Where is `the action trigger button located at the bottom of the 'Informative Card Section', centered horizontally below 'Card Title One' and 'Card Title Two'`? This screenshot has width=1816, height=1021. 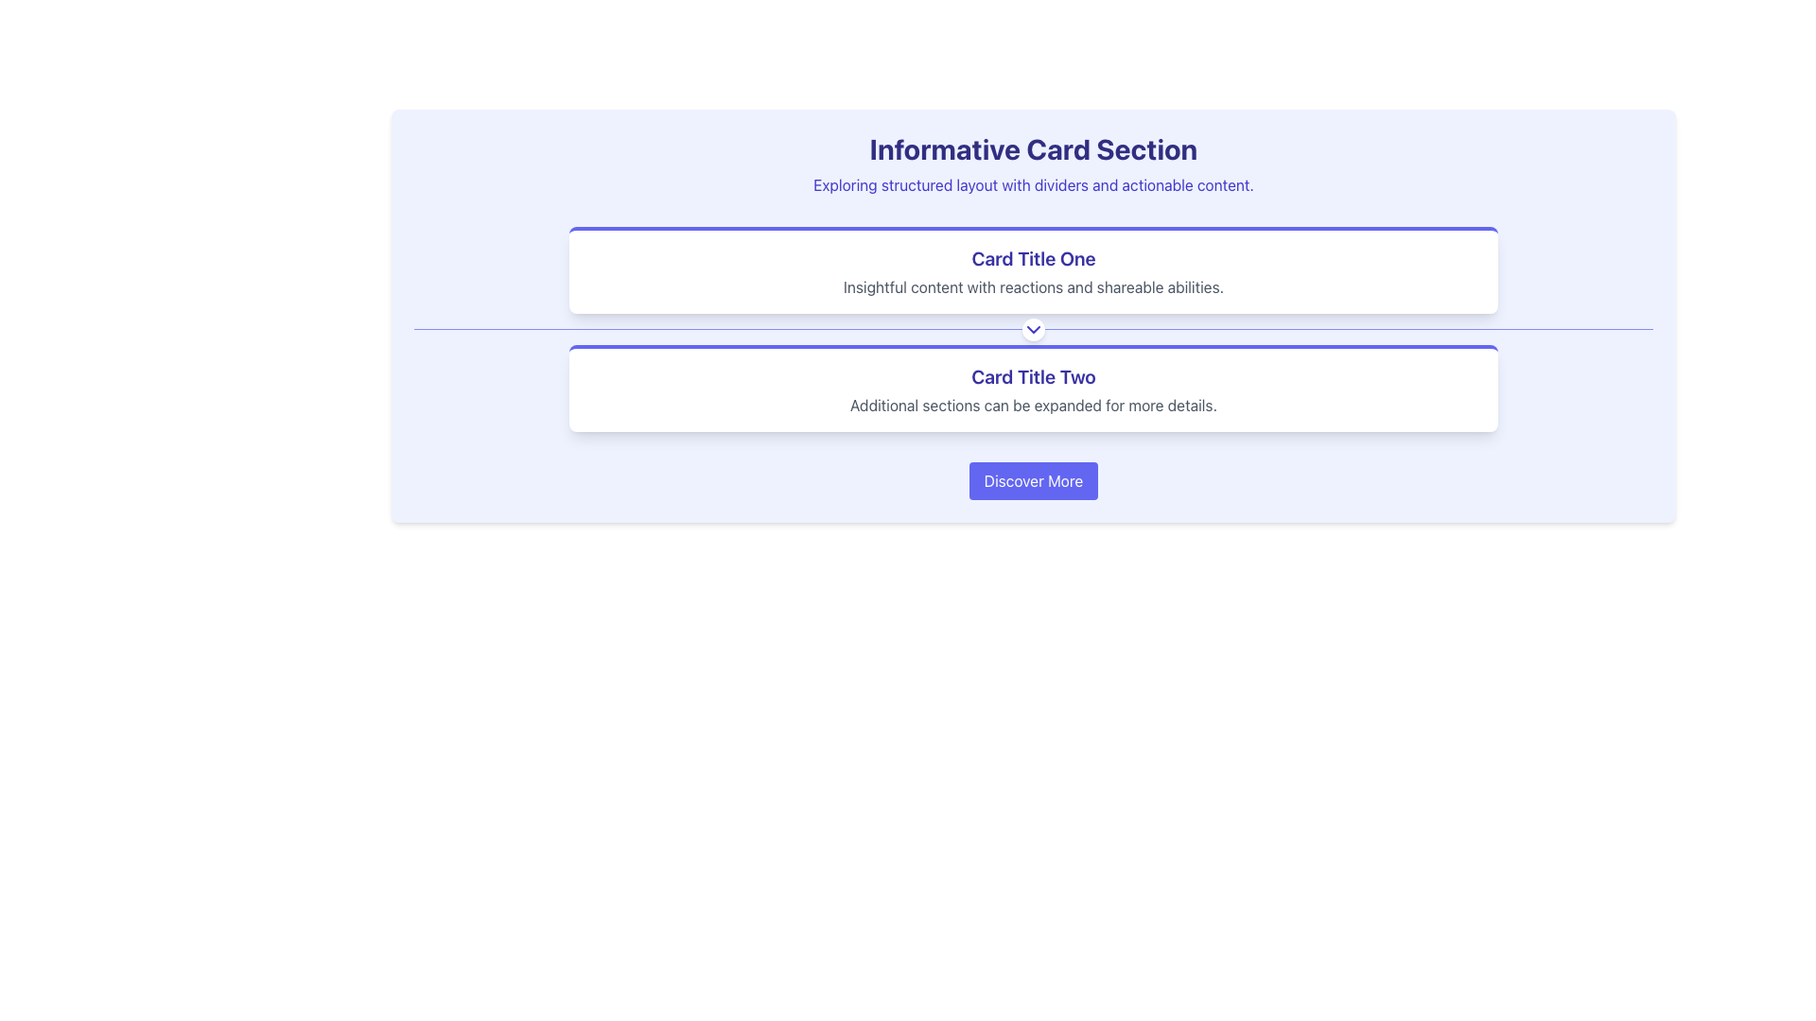
the action trigger button located at the bottom of the 'Informative Card Section', centered horizontally below 'Card Title One' and 'Card Title Two' is located at coordinates (1033, 480).